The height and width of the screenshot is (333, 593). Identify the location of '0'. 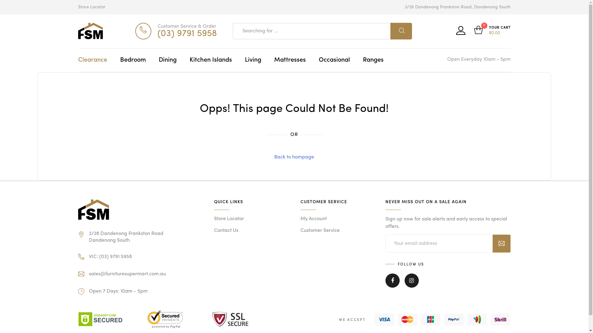
(481, 31).